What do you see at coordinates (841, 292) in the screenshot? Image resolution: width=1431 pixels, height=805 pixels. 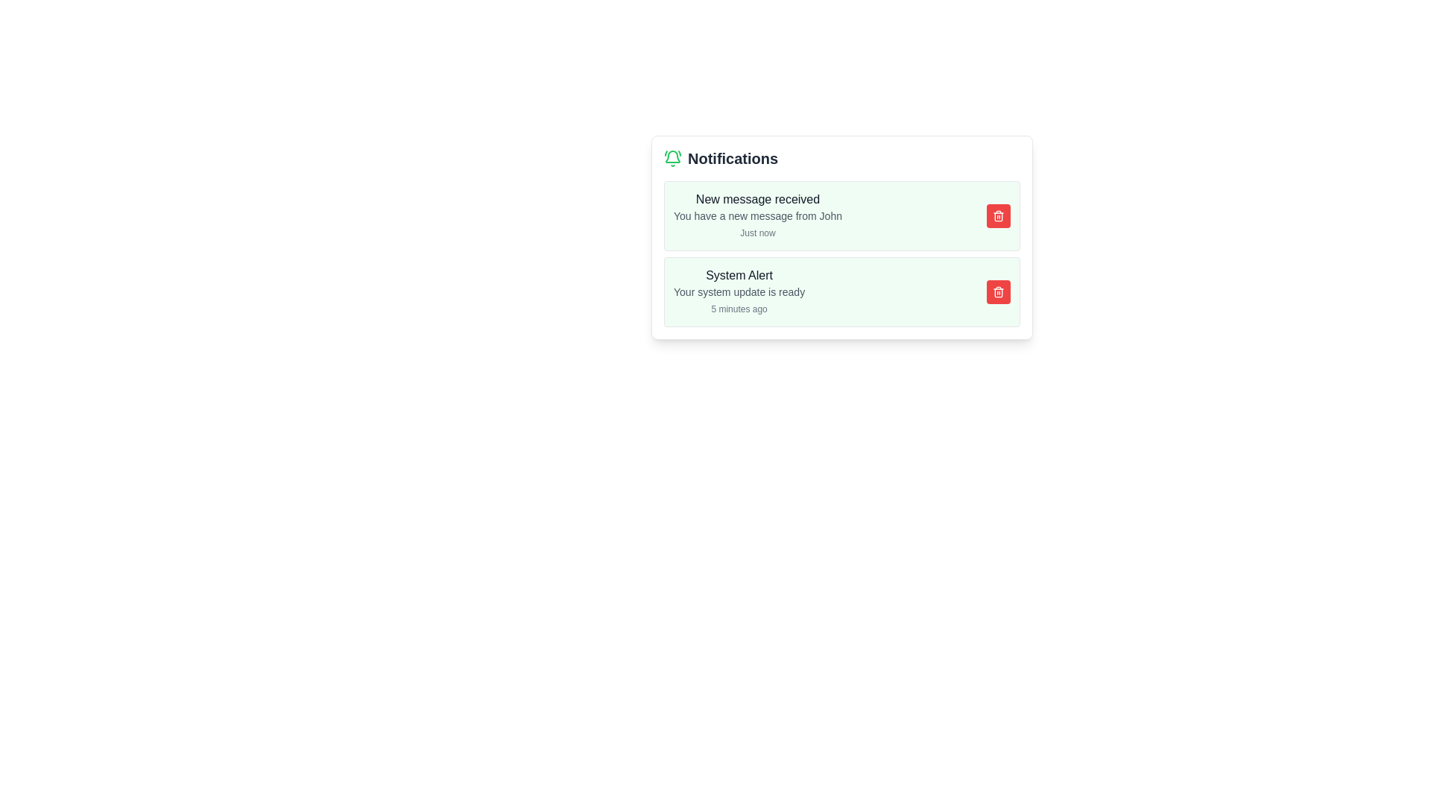 I see `the second notification card in the 'Notifications' section that informs users about a system update` at bounding box center [841, 292].